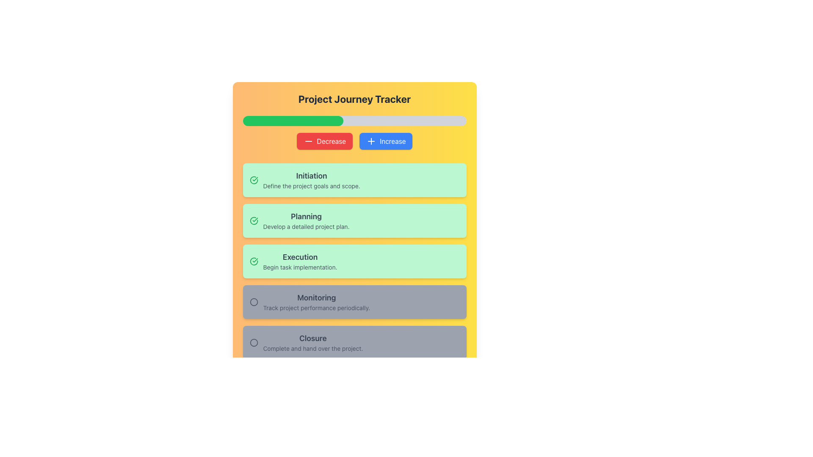 This screenshot has width=813, height=457. Describe the element at coordinates (311, 176) in the screenshot. I see `the static text header for the 'Initiation' phase of the project tracker, which is located in the green section above the text 'Define the project goals and scope.'` at that location.